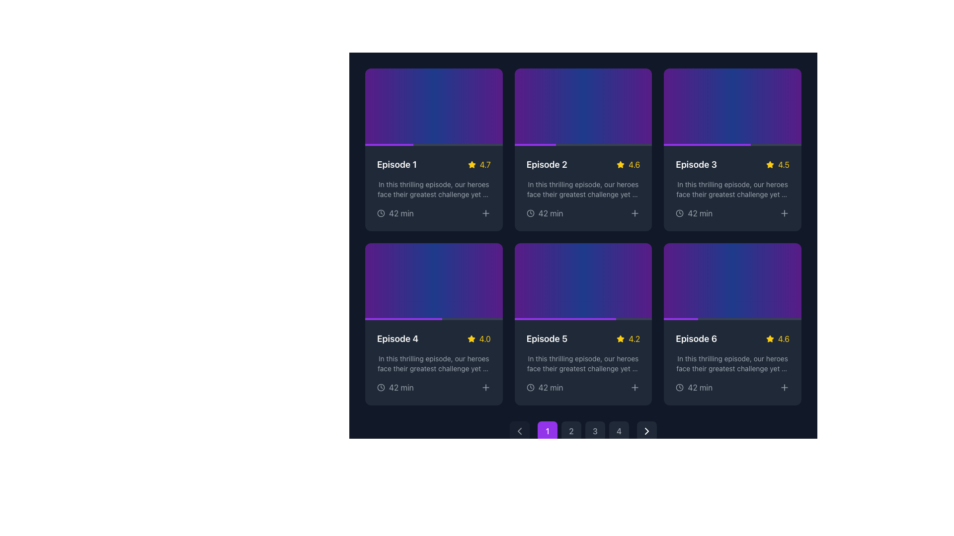 The width and height of the screenshot is (954, 536). Describe the element at coordinates (784, 387) in the screenshot. I see `the button to add 'Episode 6' to the list, located at the bottom right corner of the card for 'Episode 6'` at that location.